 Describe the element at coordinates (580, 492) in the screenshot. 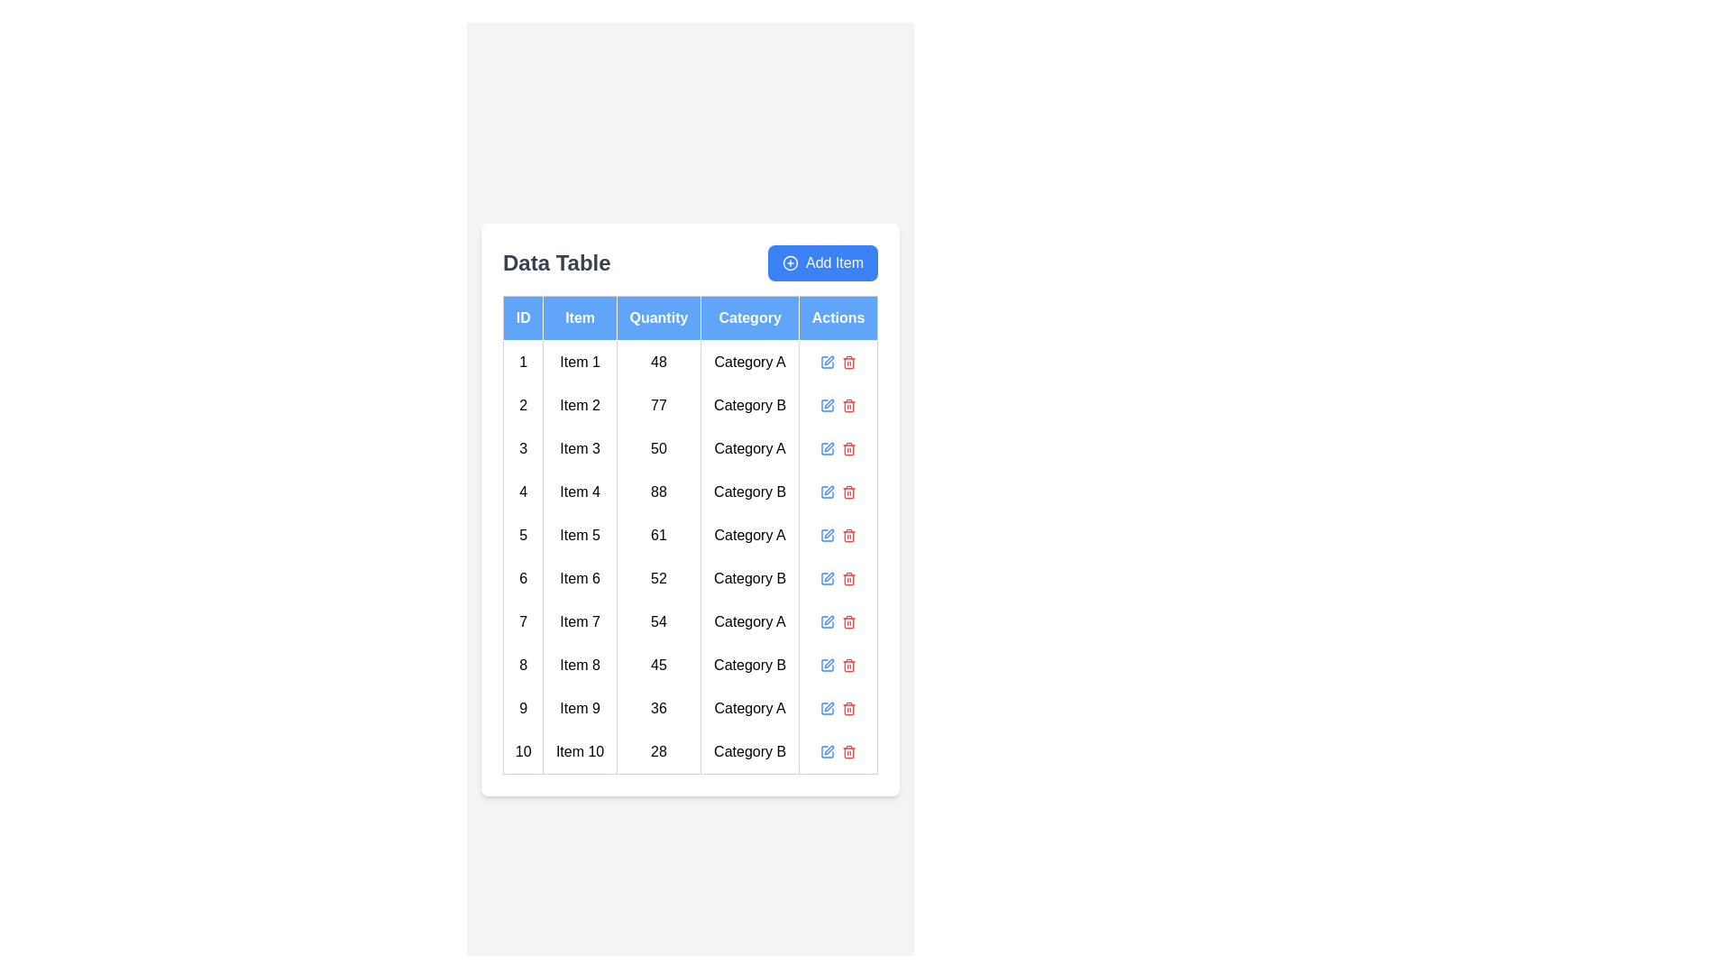

I see `the text label displaying 'Item 4' located in the second column of the fifth row of the data table, positioned between the numeric identifier '4' and the numeric value '88'` at that location.